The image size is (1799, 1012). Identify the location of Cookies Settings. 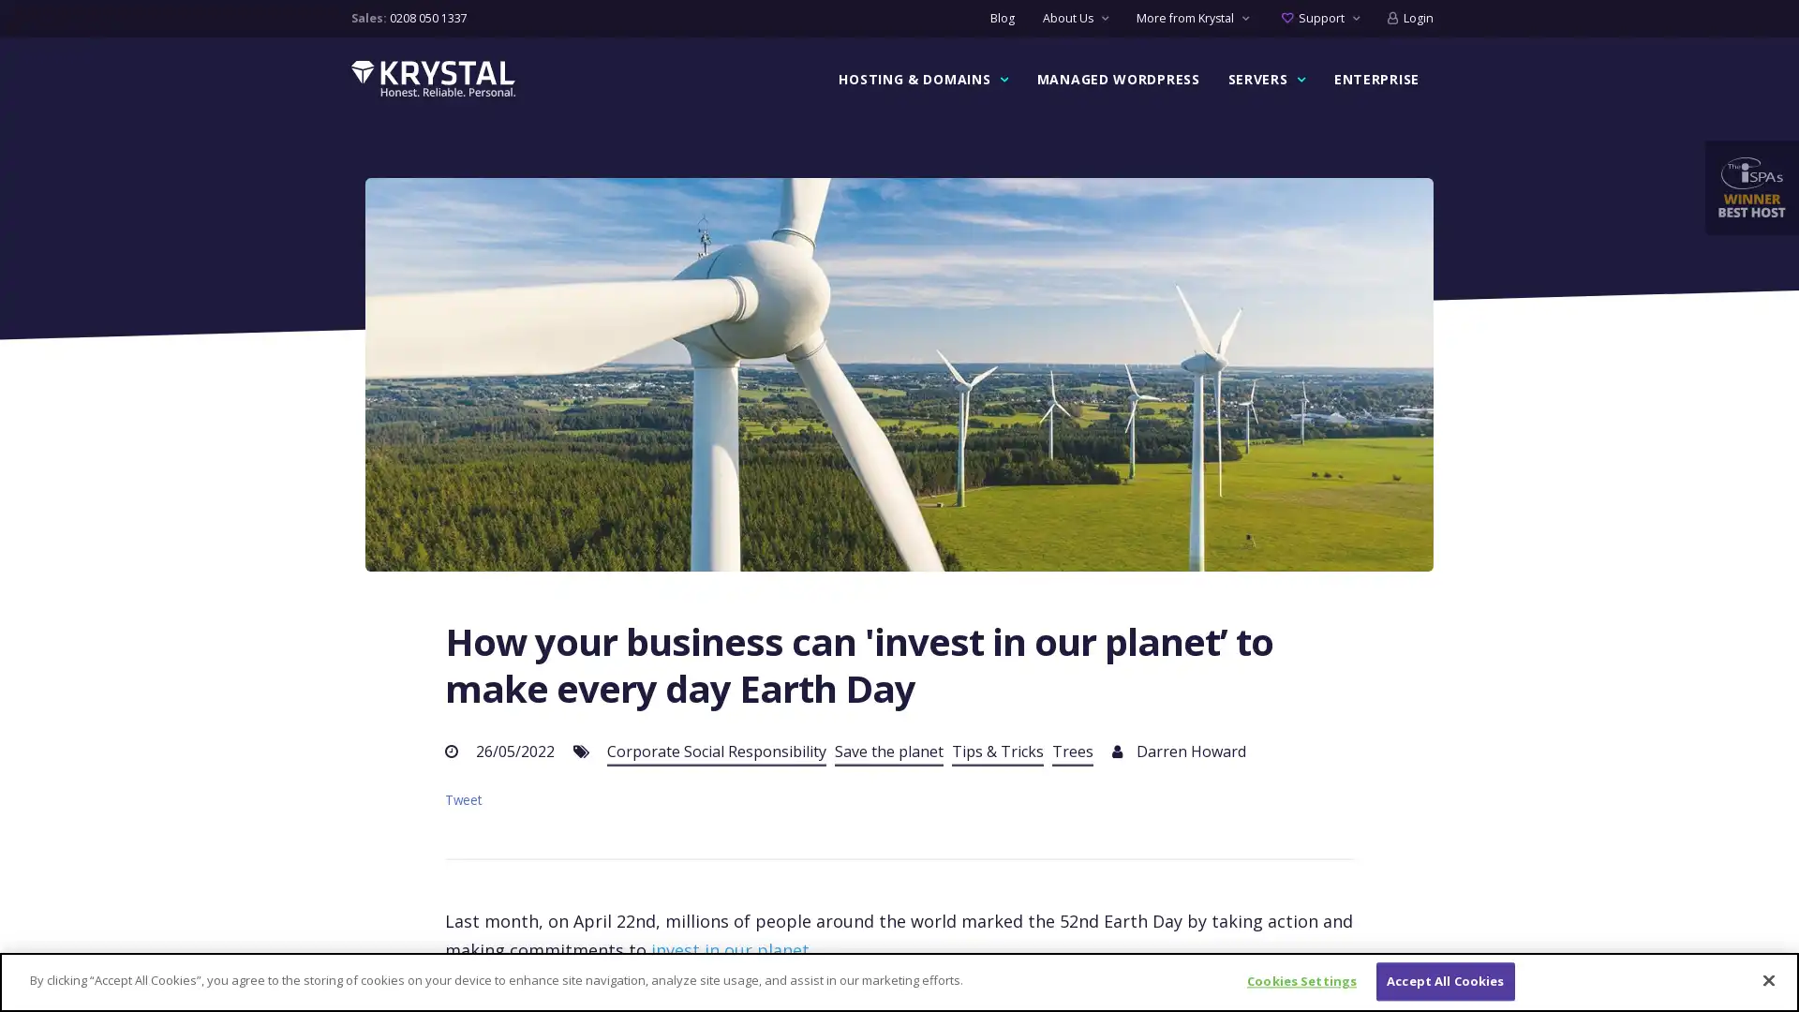
(1301, 980).